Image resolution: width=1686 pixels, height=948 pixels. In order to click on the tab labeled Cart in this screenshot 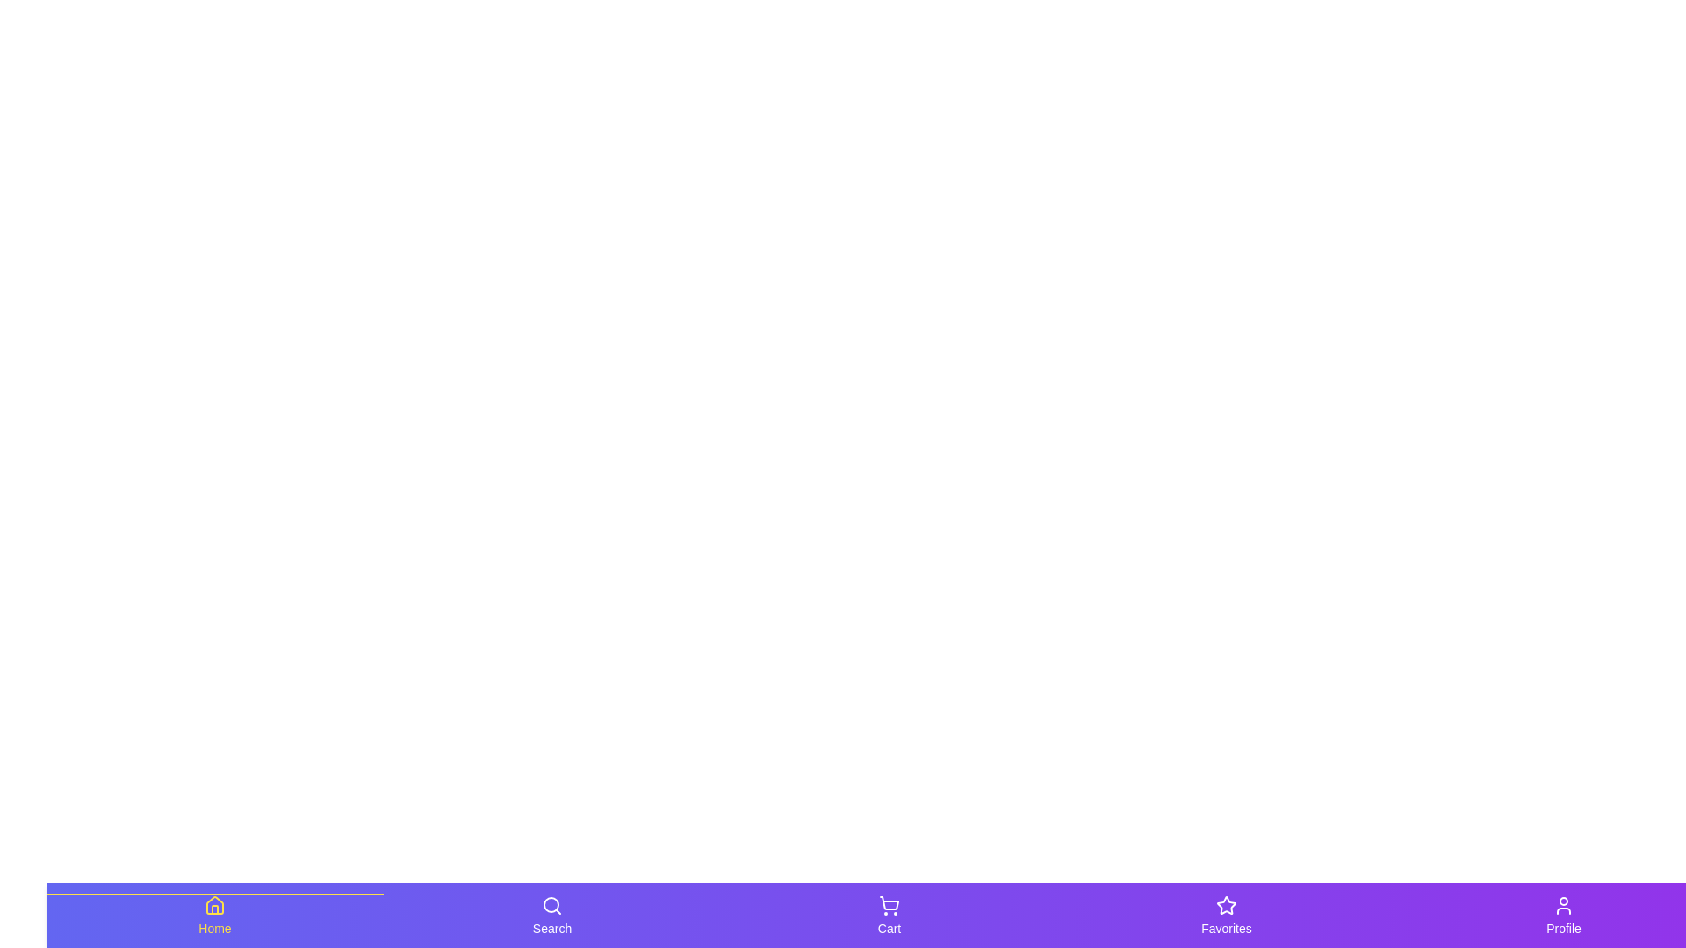, I will do `click(889, 914)`.